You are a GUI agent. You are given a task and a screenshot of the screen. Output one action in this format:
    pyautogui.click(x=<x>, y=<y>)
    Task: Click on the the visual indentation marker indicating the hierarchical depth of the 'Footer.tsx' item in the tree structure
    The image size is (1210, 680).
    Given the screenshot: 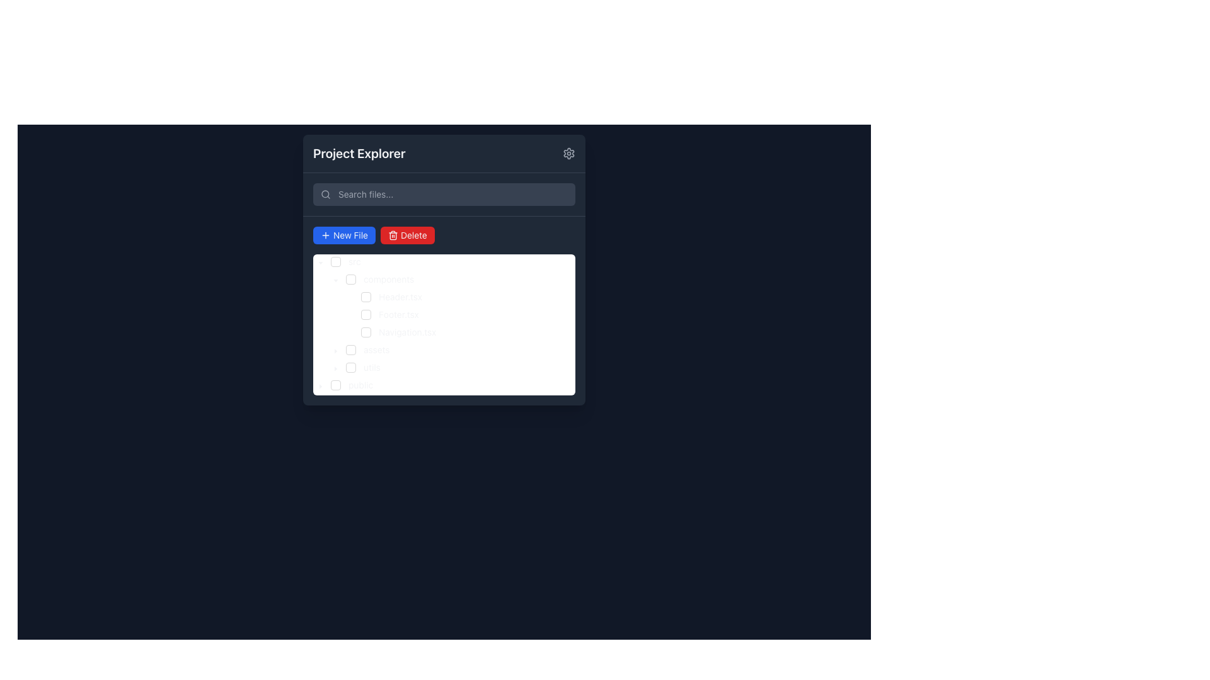 What is the action you would take?
    pyautogui.click(x=328, y=314)
    